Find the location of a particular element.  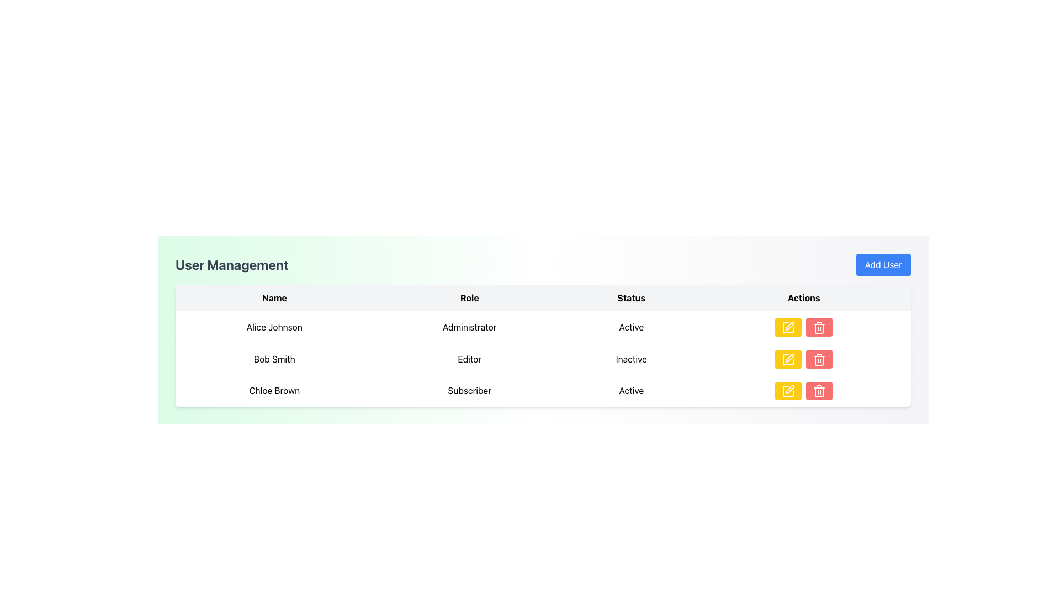

the centered bold text label 'Role' which is part of the header row in a table format is located at coordinates (469, 298).